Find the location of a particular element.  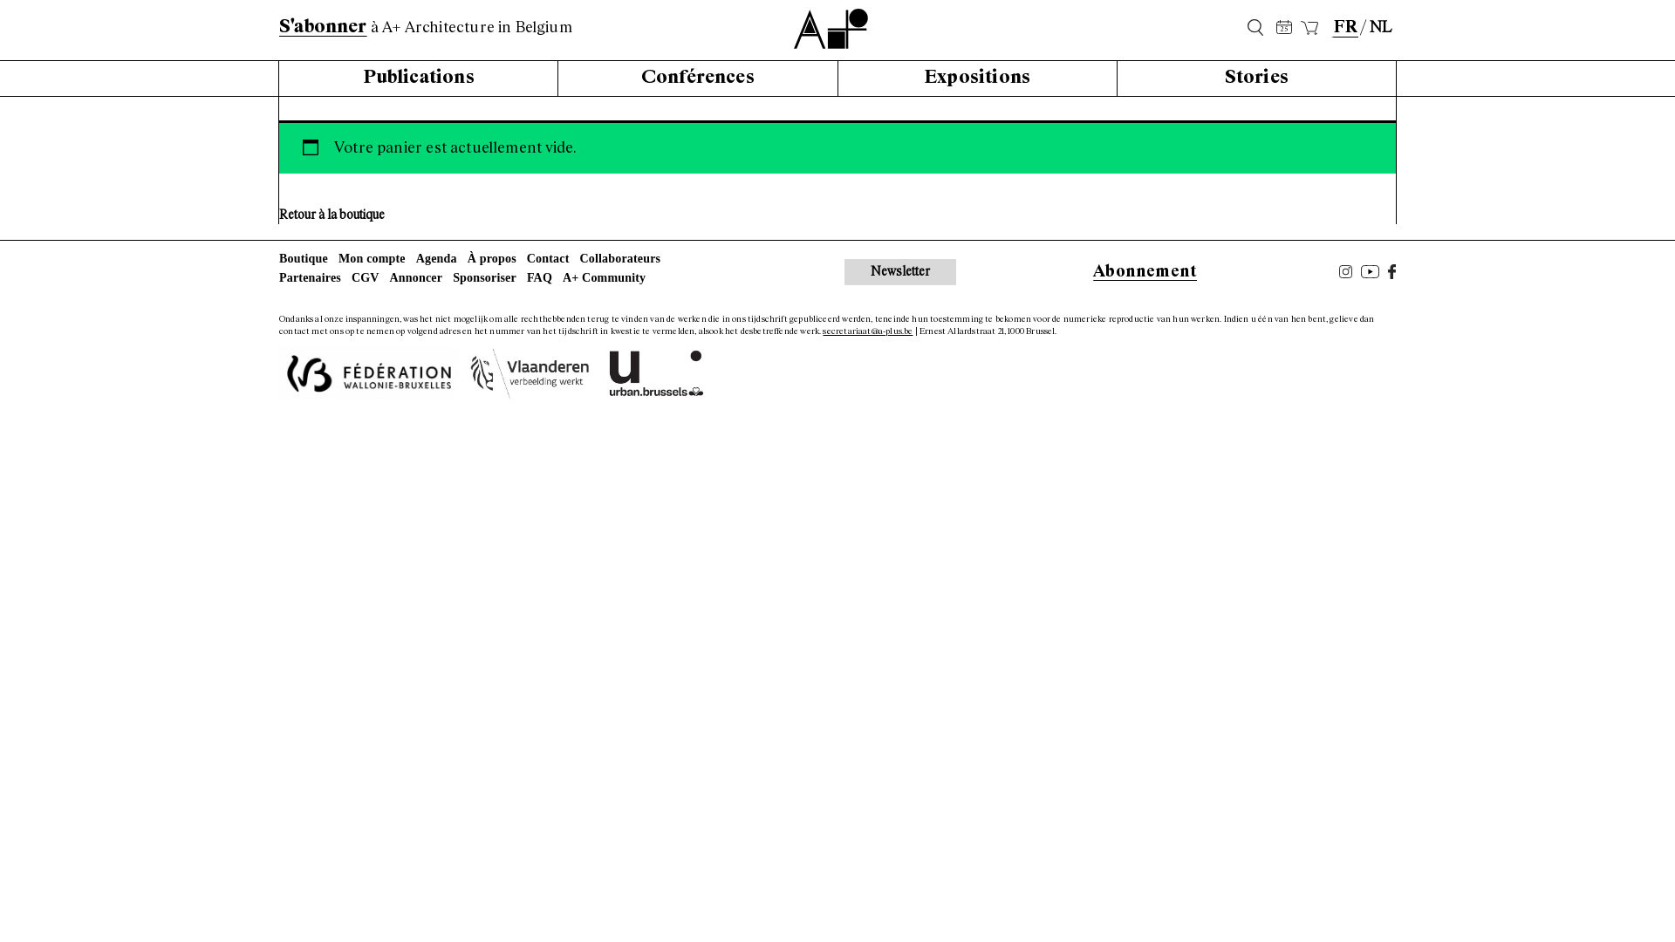

'Sponsoriser' is located at coordinates (452, 276).